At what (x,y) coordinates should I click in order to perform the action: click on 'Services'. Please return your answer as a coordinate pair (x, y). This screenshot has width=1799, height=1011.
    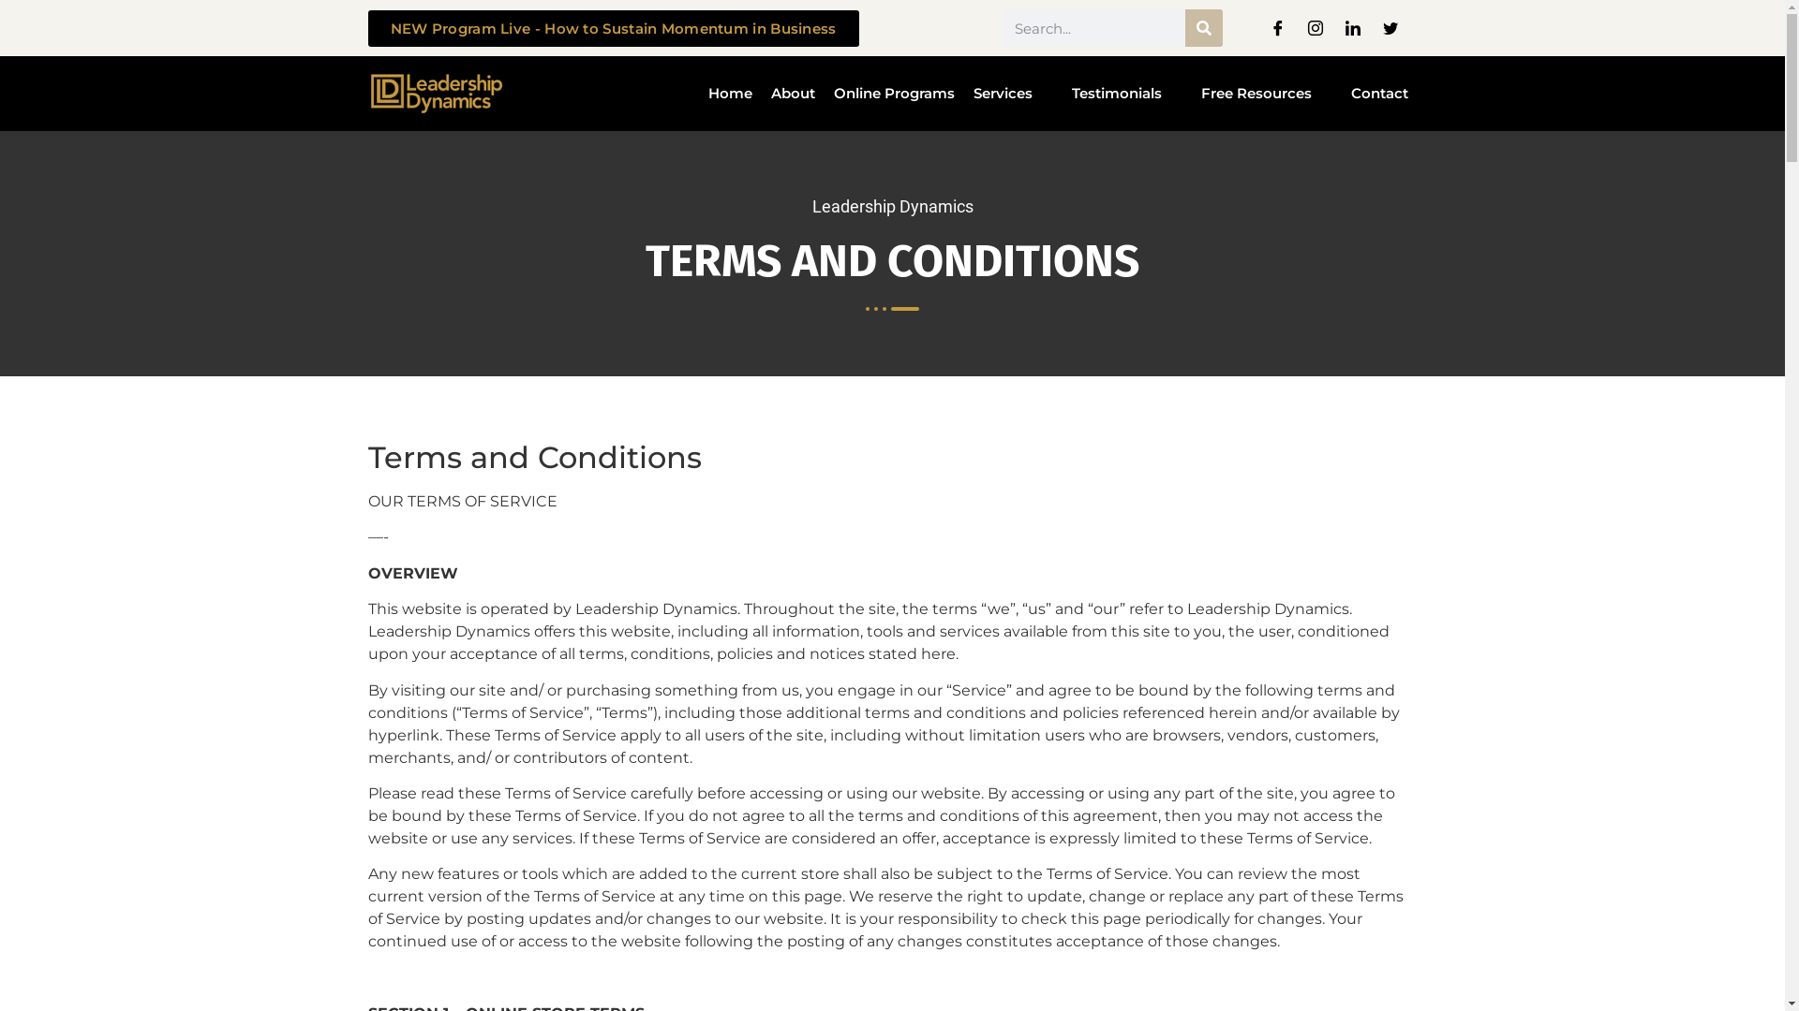
    Looking at the image, I should click on (962, 94).